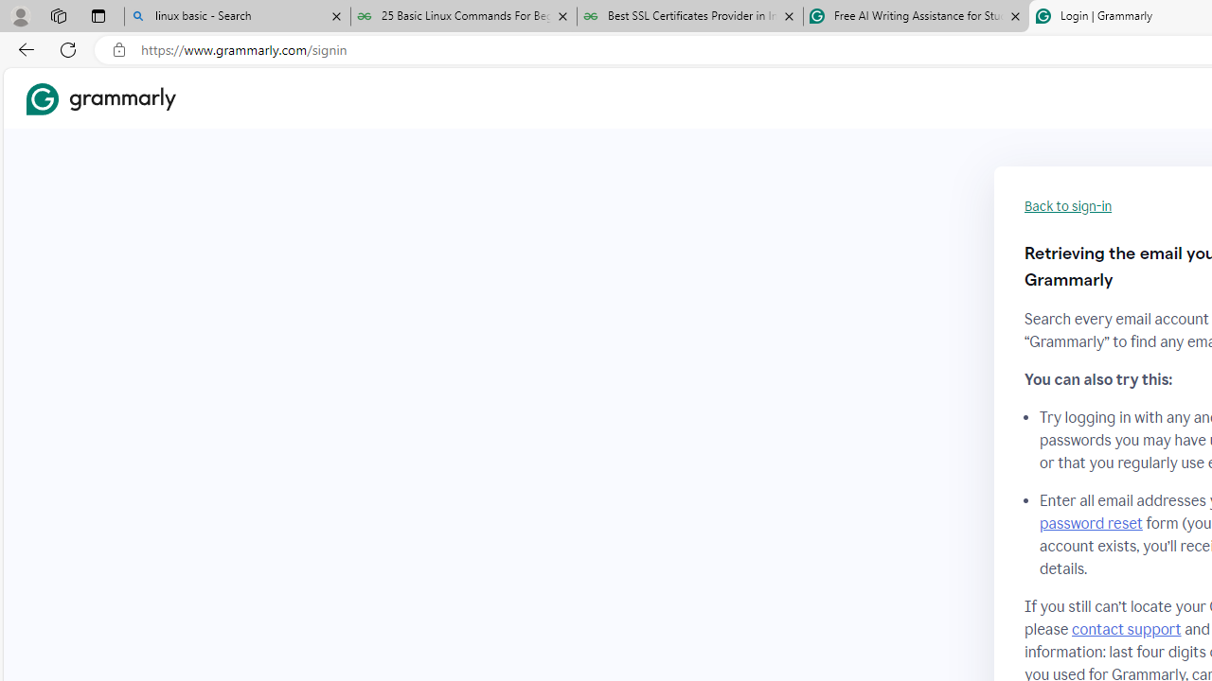 The width and height of the screenshot is (1212, 681). Describe the element at coordinates (689, 16) in the screenshot. I see `'Best SSL Certificates Provider in India - GeeksforGeeks'` at that location.